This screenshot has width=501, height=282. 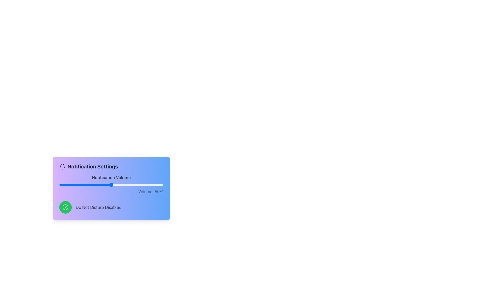 What do you see at coordinates (80, 185) in the screenshot?
I see `the notification volume` at bounding box center [80, 185].